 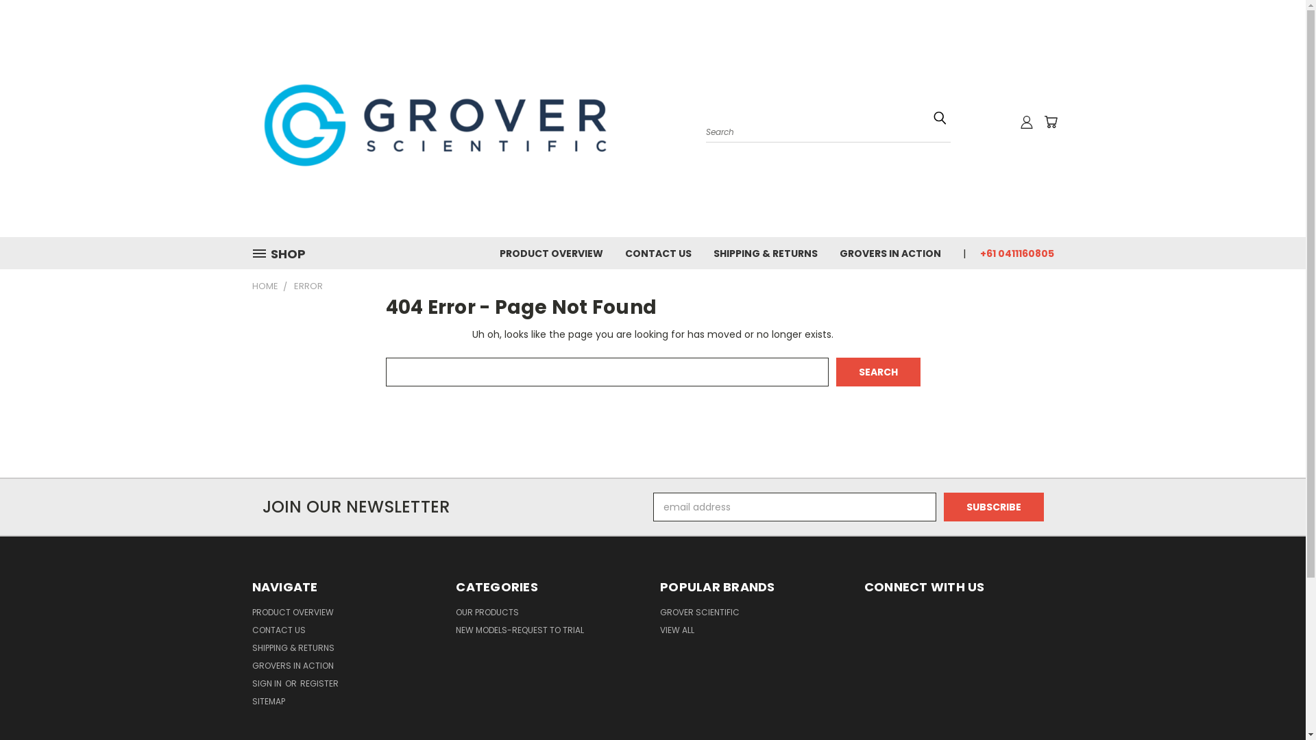 What do you see at coordinates (939, 117) in the screenshot?
I see `'Submit Search'` at bounding box center [939, 117].